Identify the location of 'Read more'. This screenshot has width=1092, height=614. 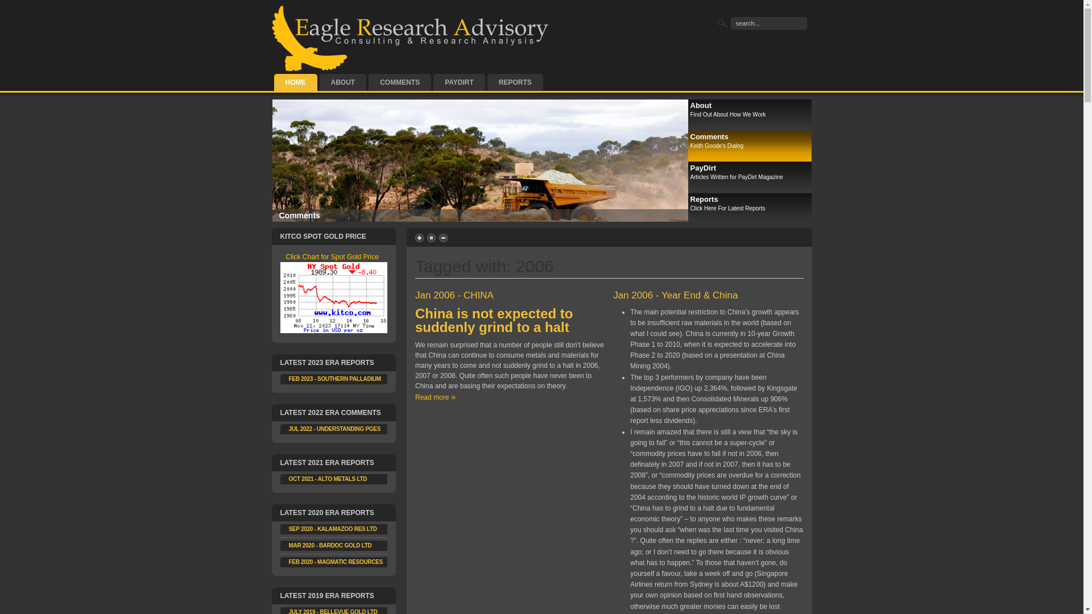
(435, 396).